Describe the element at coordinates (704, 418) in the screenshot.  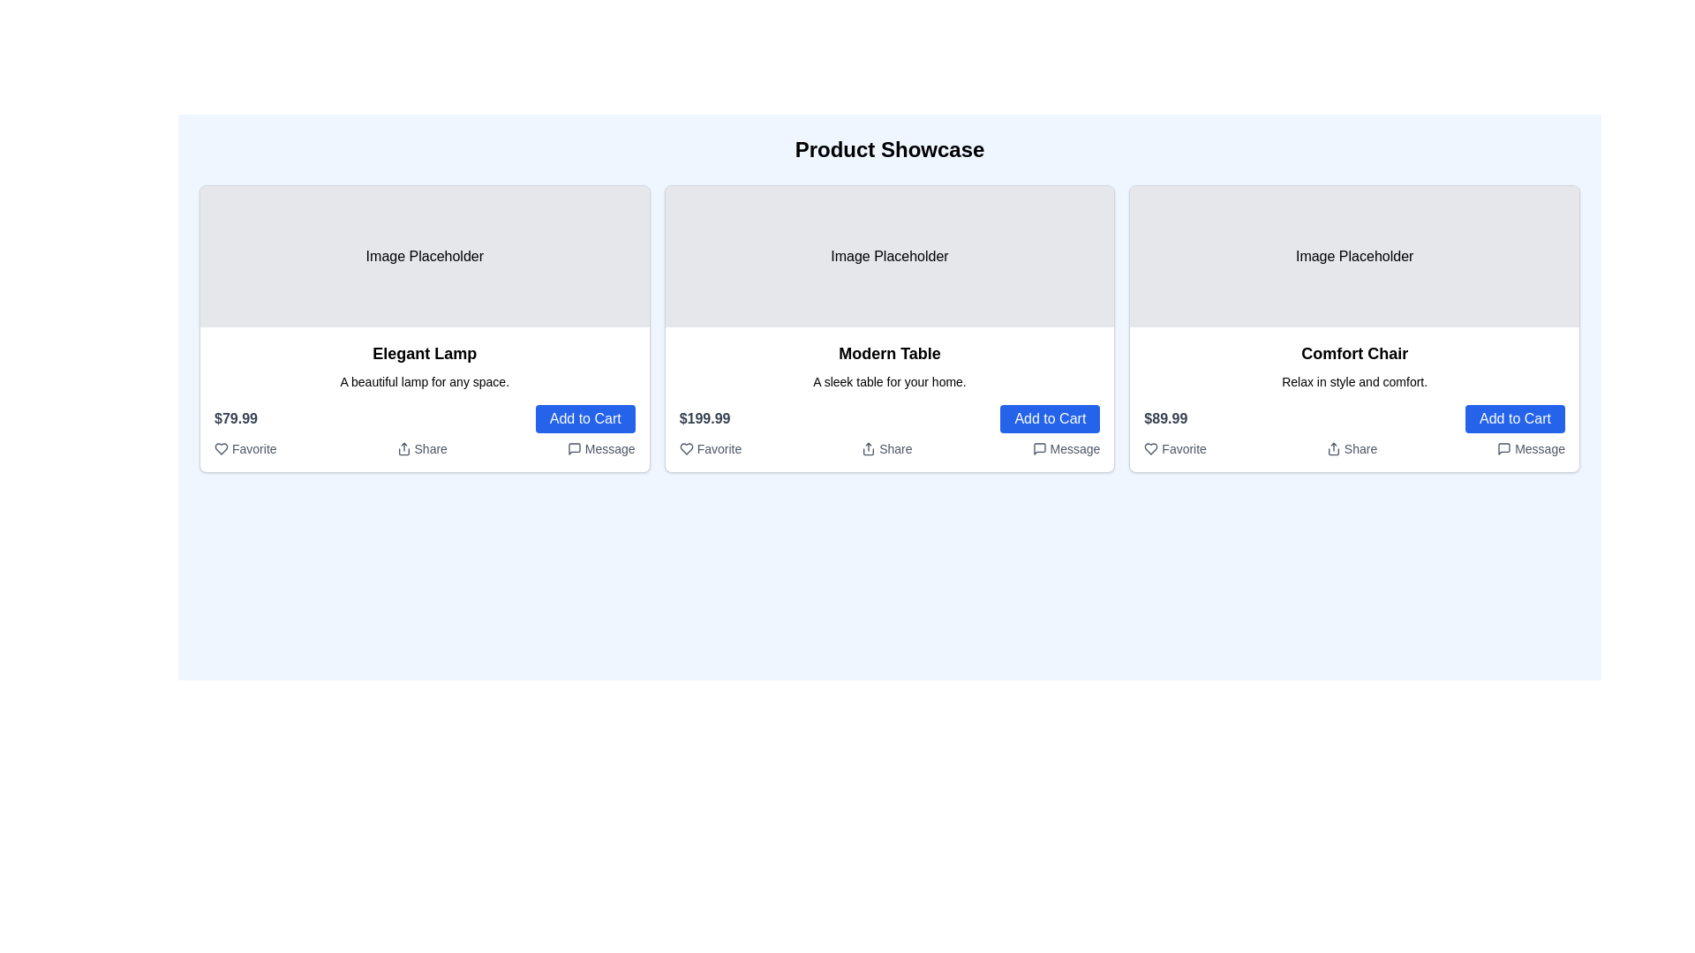
I see `the Static Text displaying the price of the 'Modern Table' product, located above the 'Add to Cart' button` at that location.